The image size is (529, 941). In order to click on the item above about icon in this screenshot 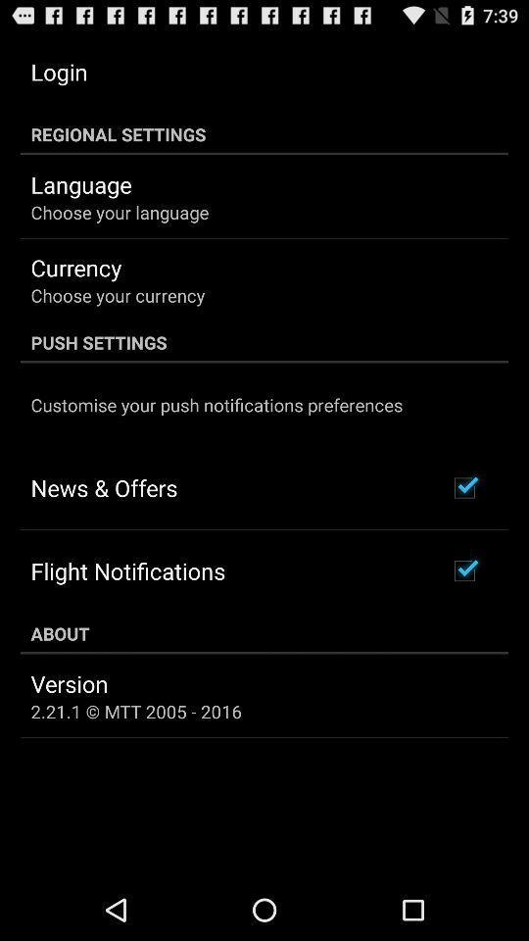, I will do `click(127, 570)`.